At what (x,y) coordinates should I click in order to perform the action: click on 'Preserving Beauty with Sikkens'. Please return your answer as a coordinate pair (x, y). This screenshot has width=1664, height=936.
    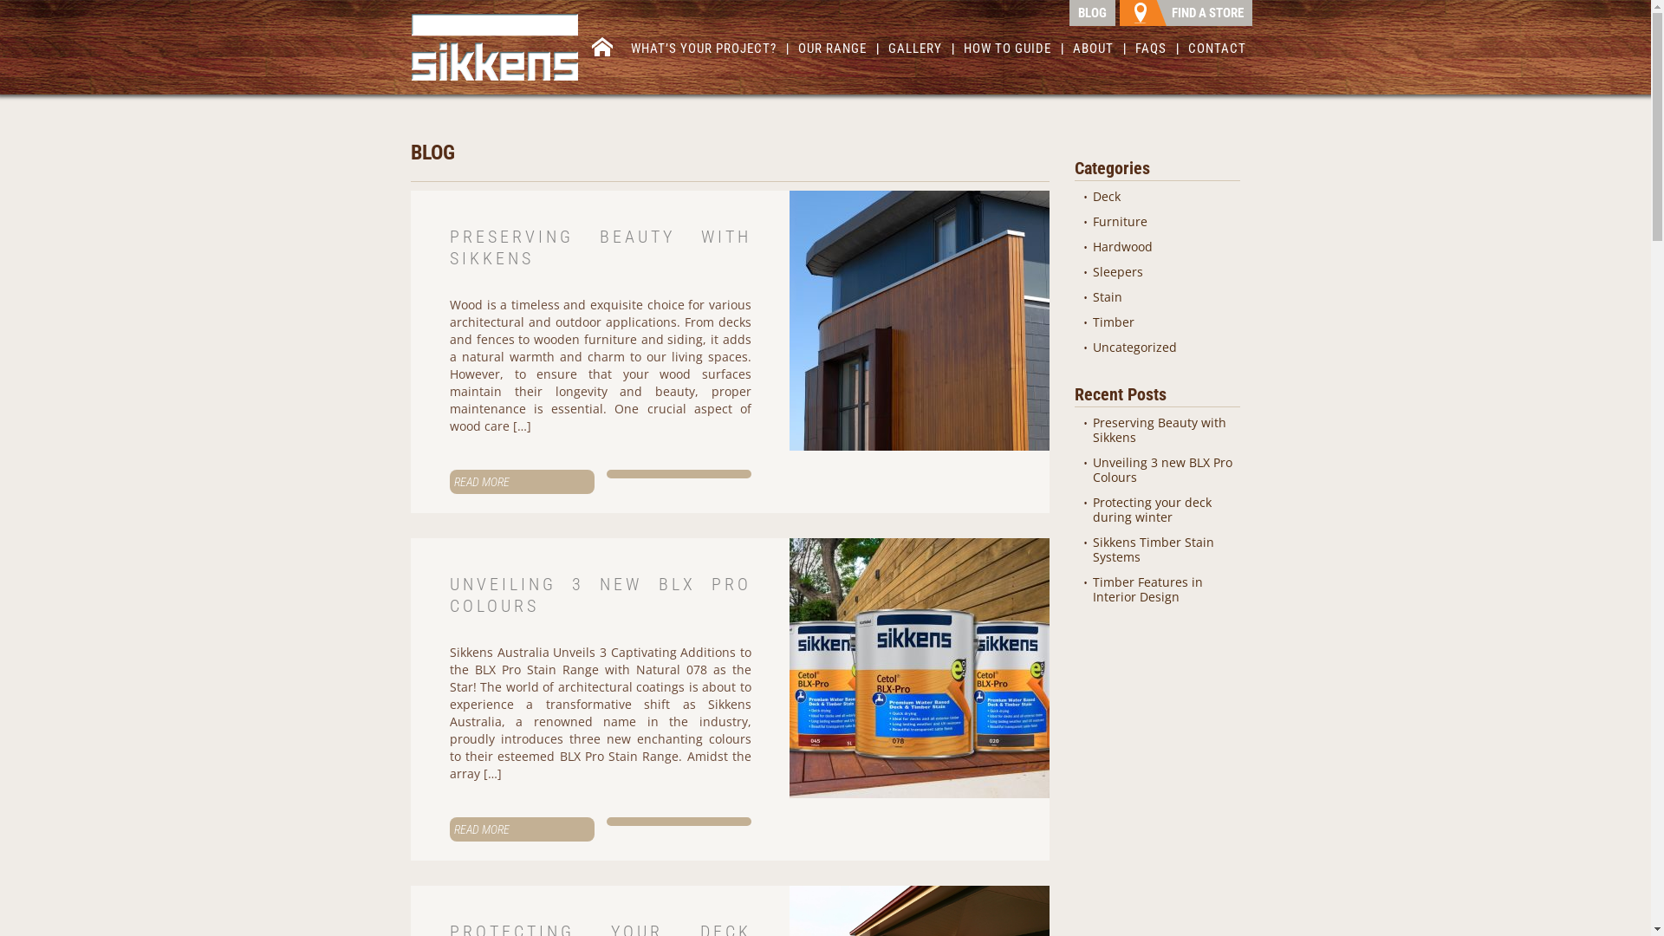
    Looking at the image, I should click on (1160, 429).